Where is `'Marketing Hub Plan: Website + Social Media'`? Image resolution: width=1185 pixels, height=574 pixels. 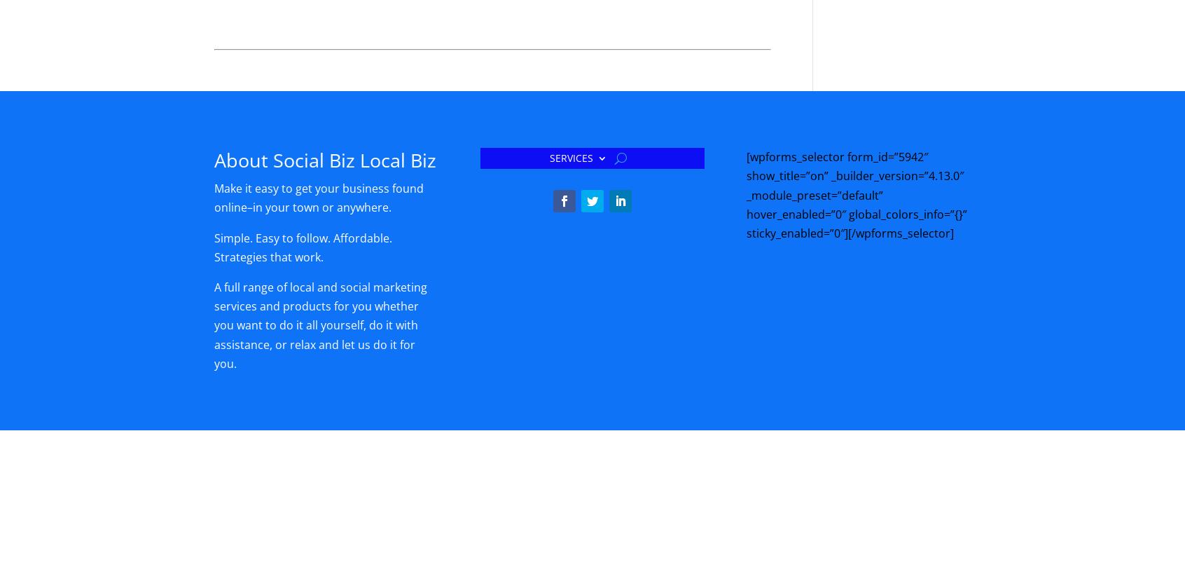
'Marketing Hub Plan: Website + Social Media' is located at coordinates (791, 535).